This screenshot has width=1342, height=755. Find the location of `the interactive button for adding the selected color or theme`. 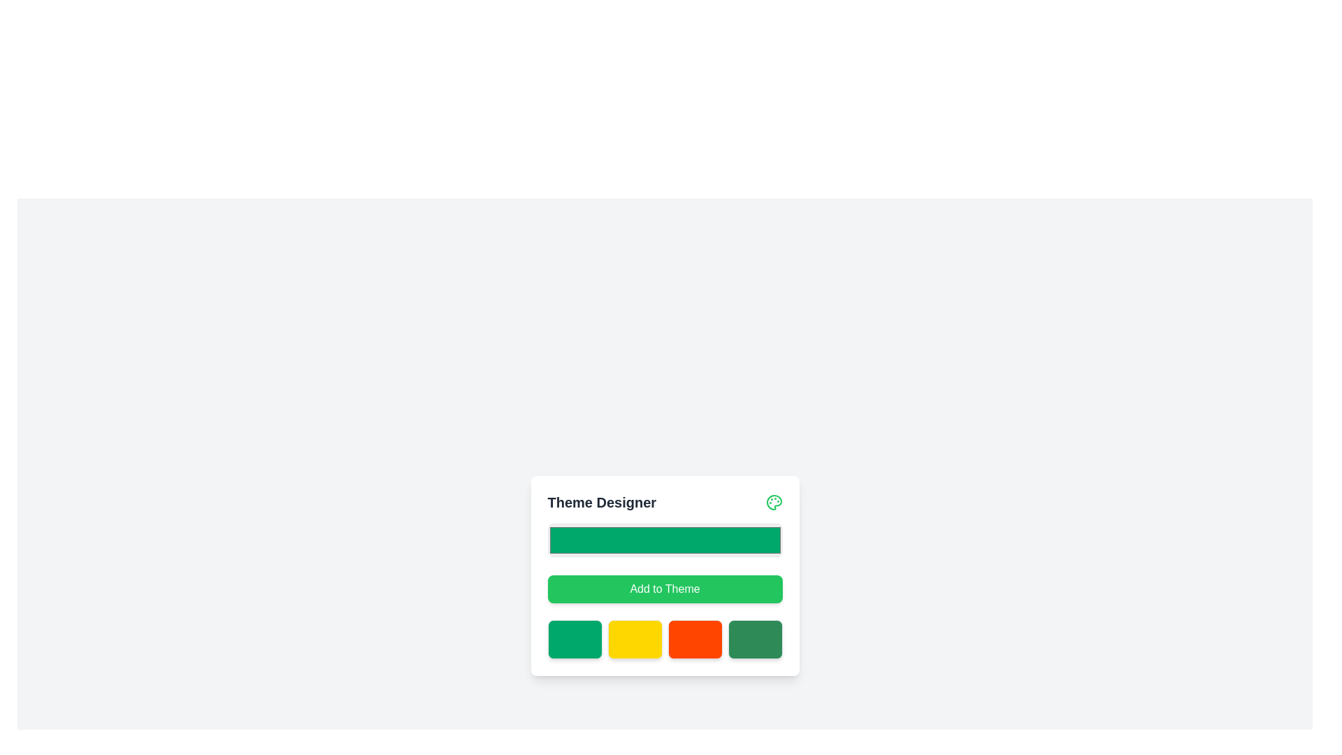

the interactive button for adding the selected color or theme is located at coordinates (664, 591).